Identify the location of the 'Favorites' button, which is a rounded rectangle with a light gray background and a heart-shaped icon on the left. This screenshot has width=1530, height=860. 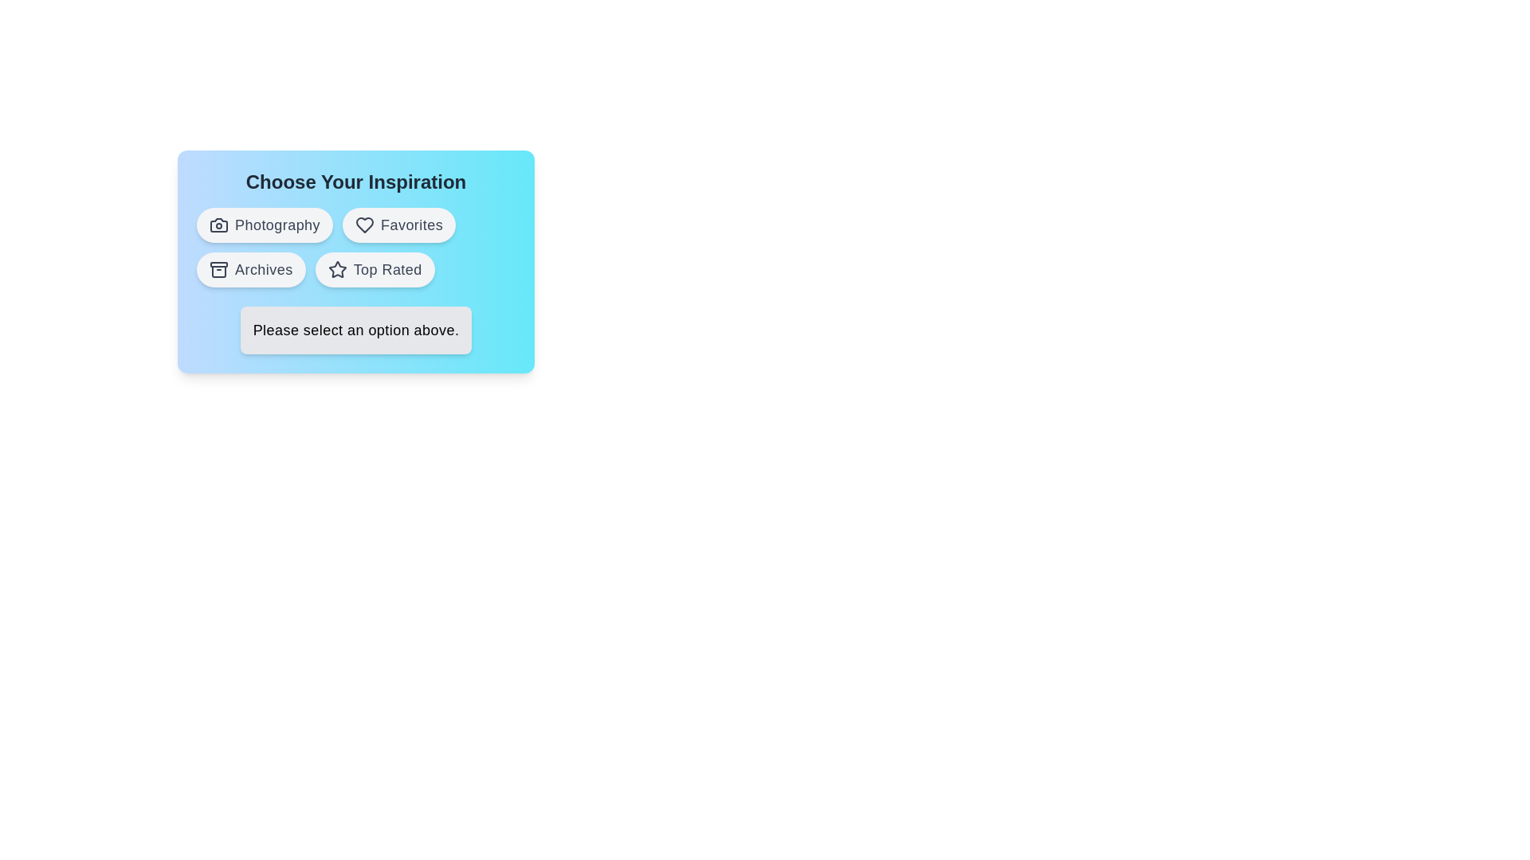
(398, 225).